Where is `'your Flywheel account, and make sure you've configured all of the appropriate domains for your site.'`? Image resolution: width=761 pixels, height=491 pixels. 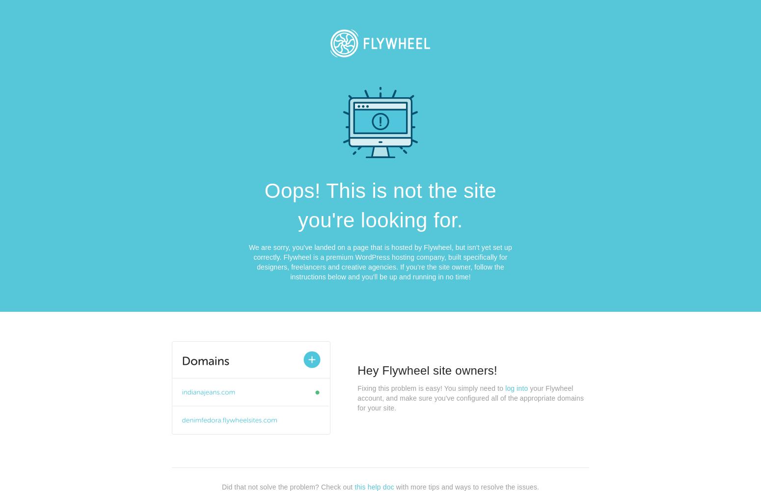
'your Flywheel account, and make sure you've configured all of the appropriate domains for your site.' is located at coordinates (470, 398).